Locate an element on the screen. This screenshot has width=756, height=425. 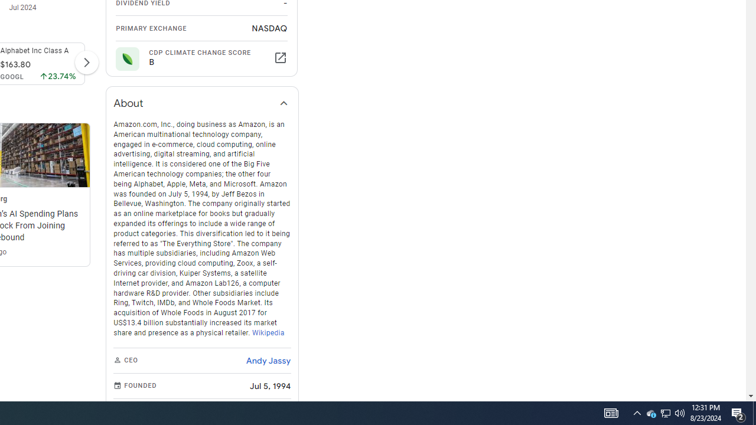
'Andy Jassy' is located at coordinates (268, 359).